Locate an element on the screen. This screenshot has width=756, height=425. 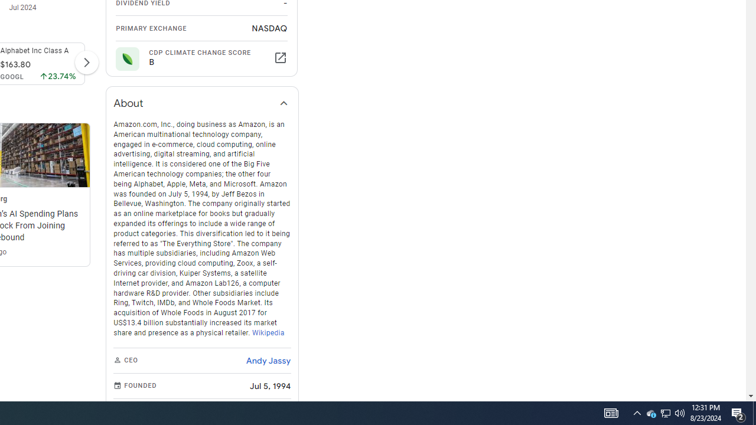
'Andy Jassy' is located at coordinates (268, 359).